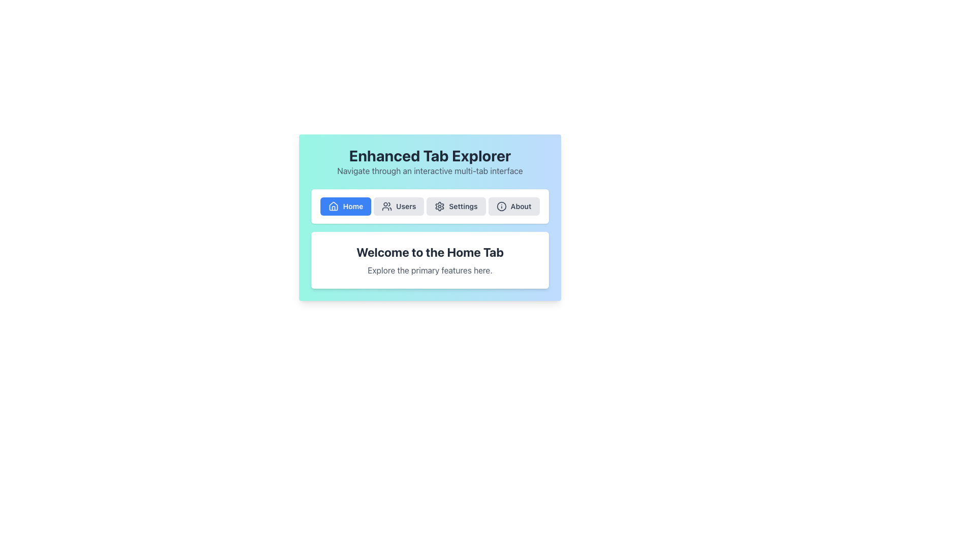 Image resolution: width=975 pixels, height=548 pixels. Describe the element at coordinates (430, 206) in the screenshot. I see `the Tab Navigation Bar to switch views between 'Home', 'Users', 'Settings', and 'About'` at that location.